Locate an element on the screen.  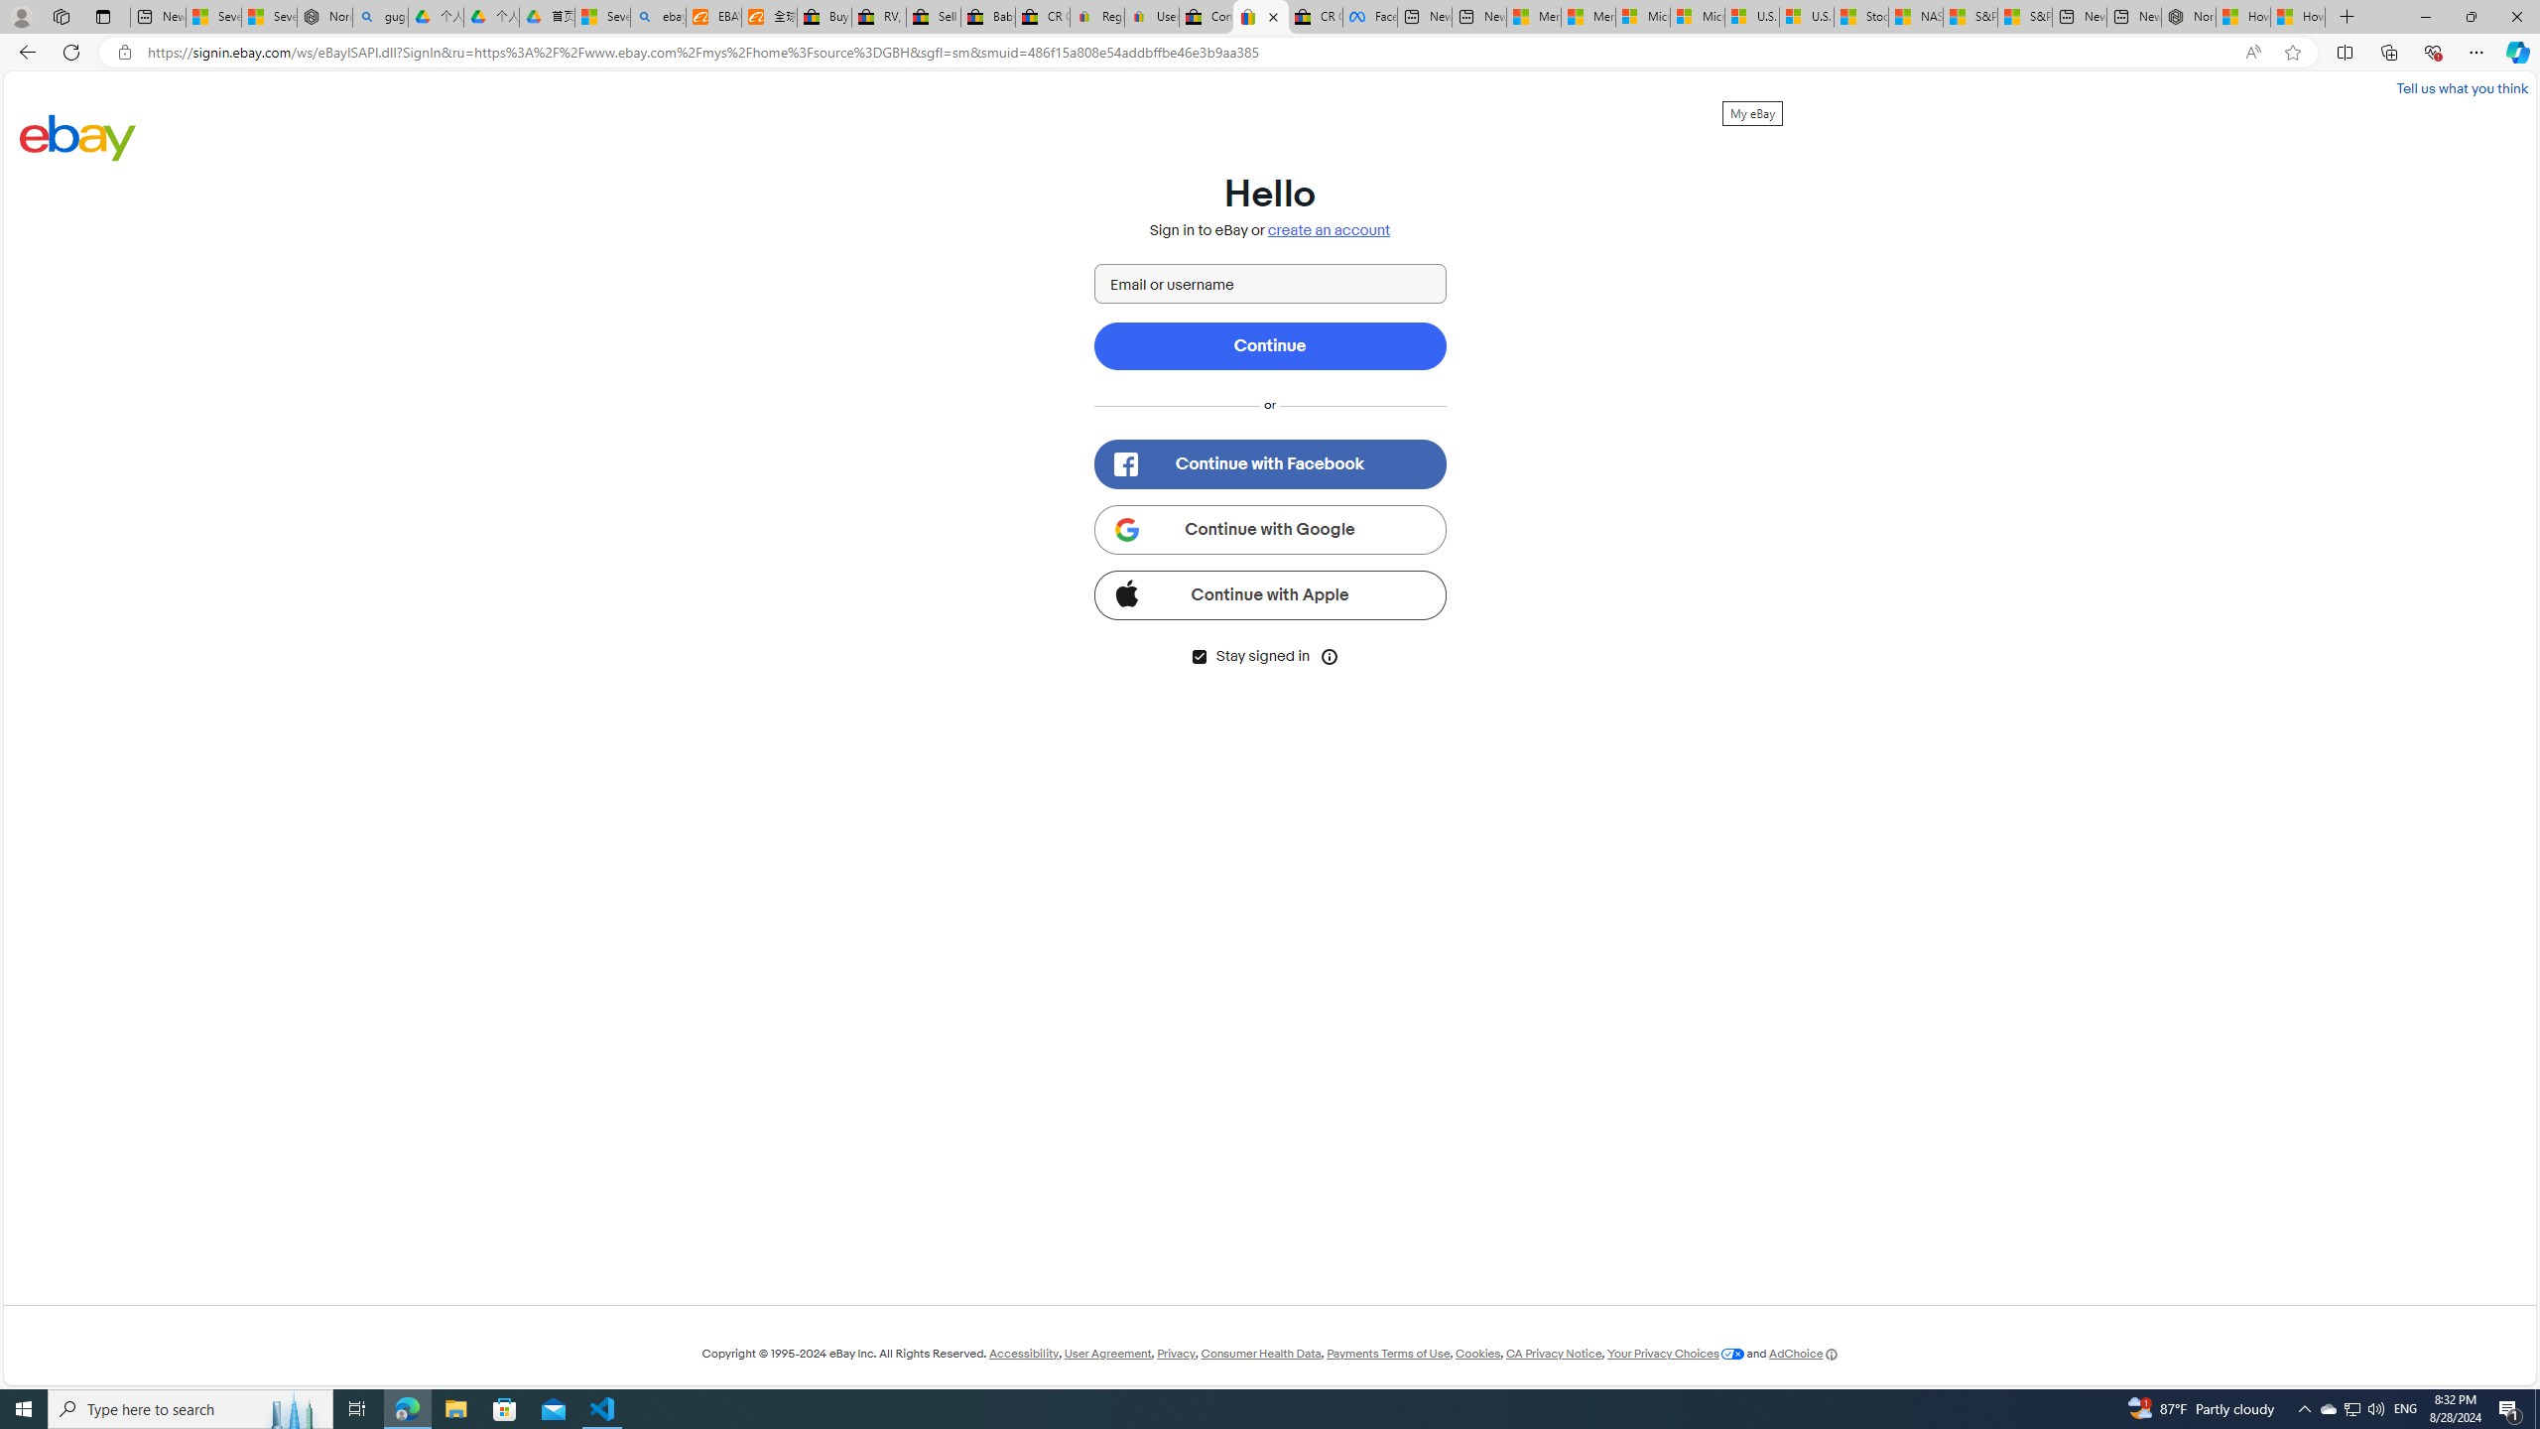
'eBay Home' is located at coordinates (77, 136).